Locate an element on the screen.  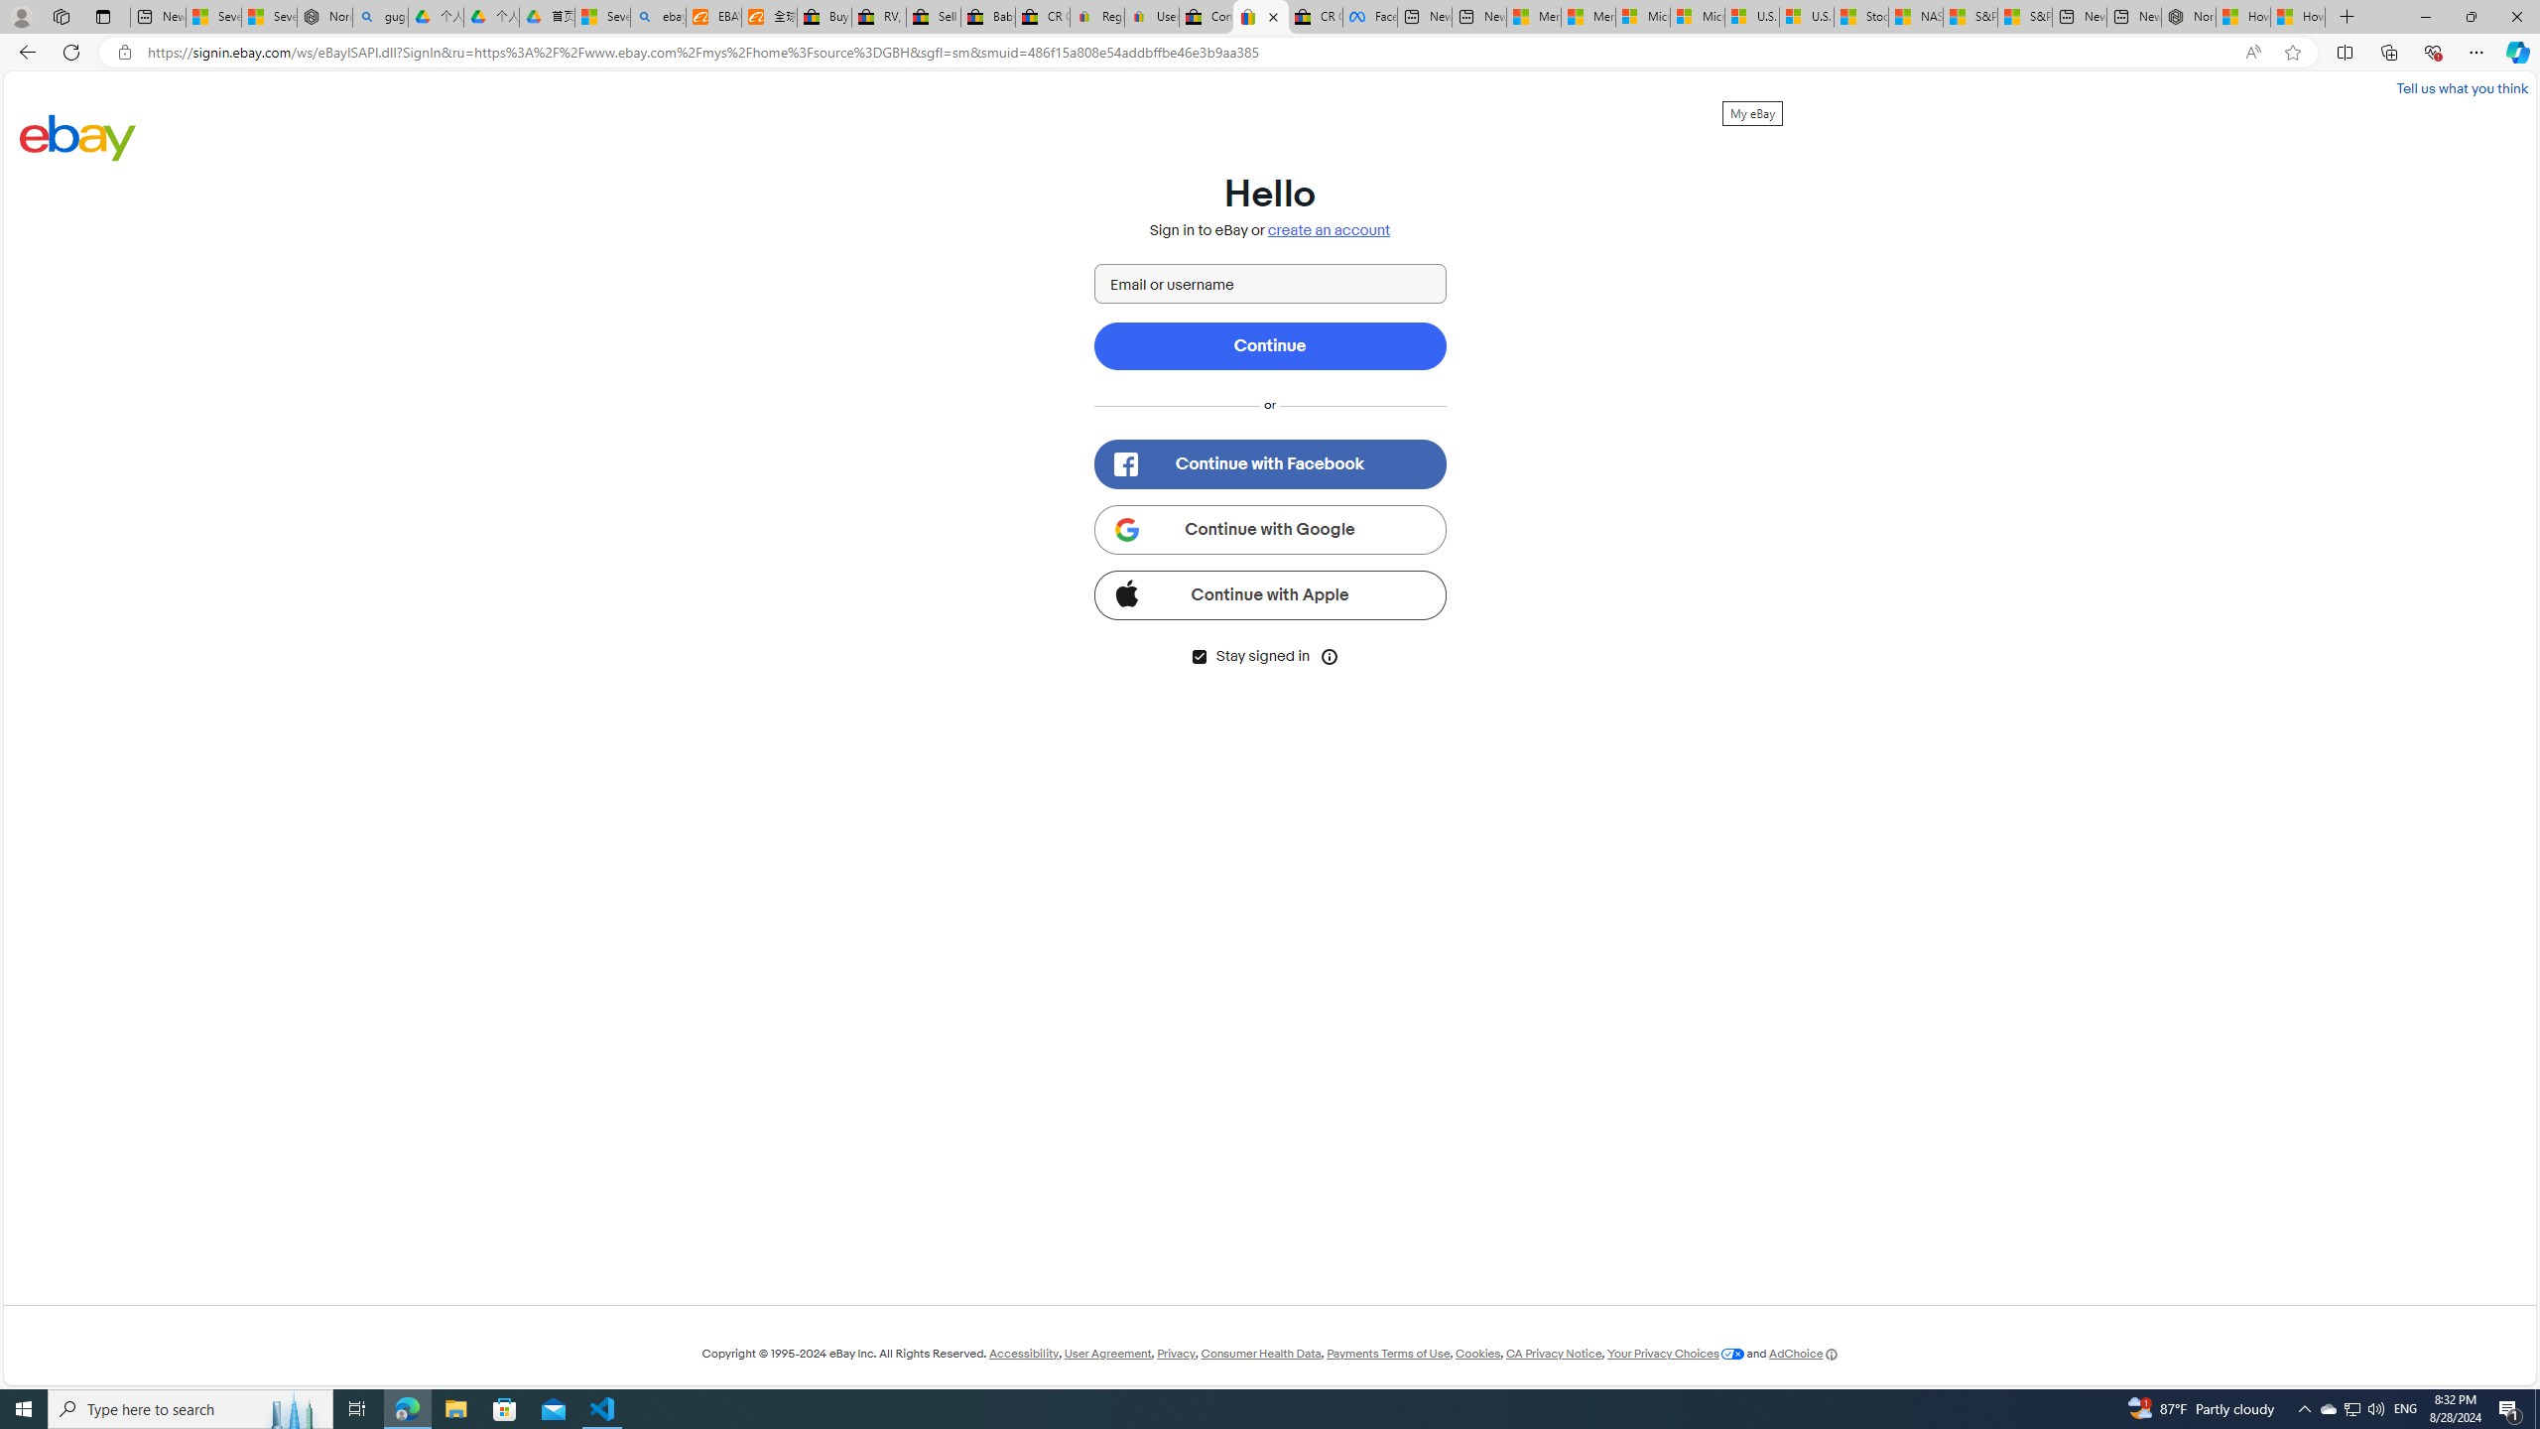
'eBay Home' is located at coordinates (77, 136).